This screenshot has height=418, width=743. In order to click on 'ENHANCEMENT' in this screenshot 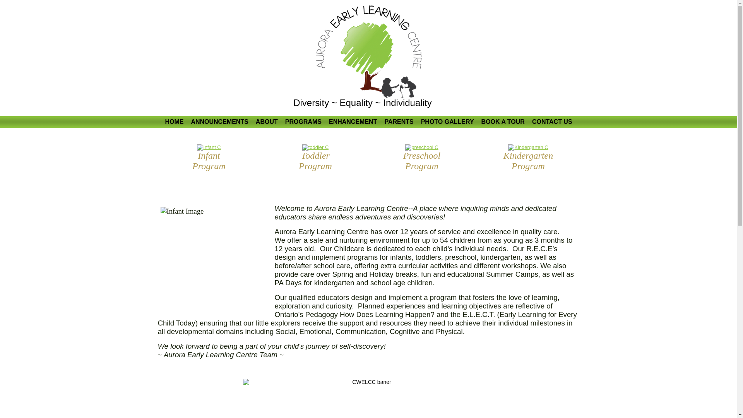, I will do `click(325, 122)`.